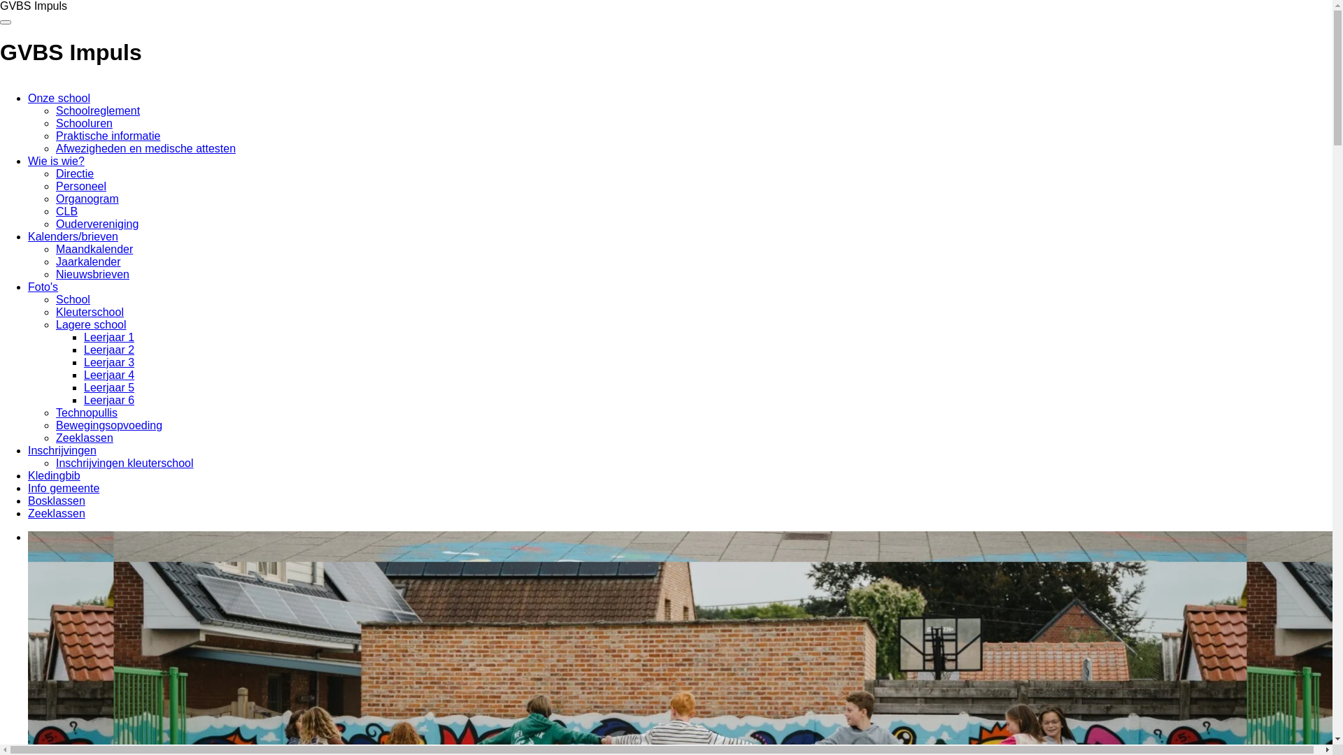  Describe the element at coordinates (83, 122) in the screenshot. I see `'Schooluren'` at that location.